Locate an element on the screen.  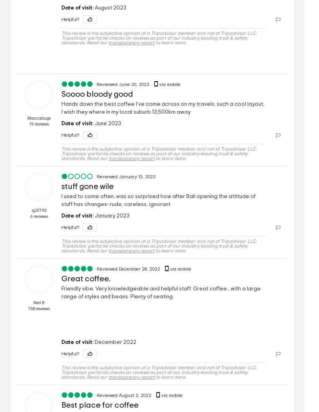
'Reviewed June 20, 2023' is located at coordinates (123, 84).